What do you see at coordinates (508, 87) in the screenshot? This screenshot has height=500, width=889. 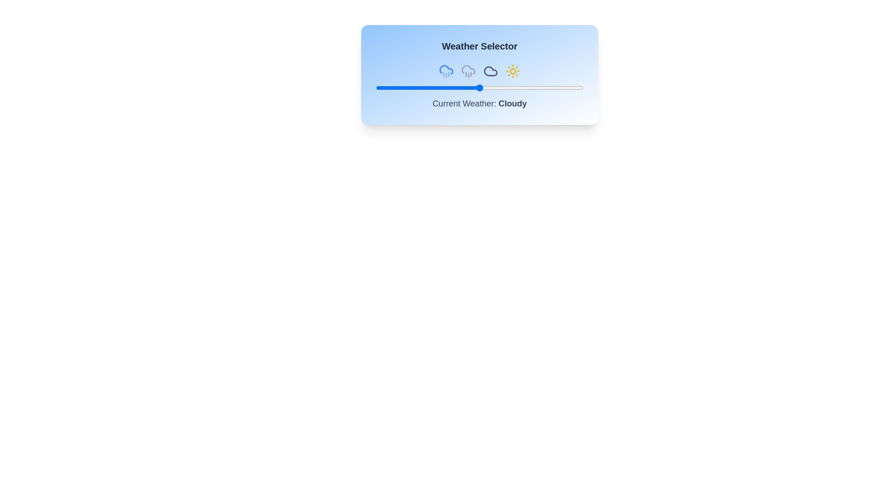 I see `the slider to set the weather value to 64` at bounding box center [508, 87].